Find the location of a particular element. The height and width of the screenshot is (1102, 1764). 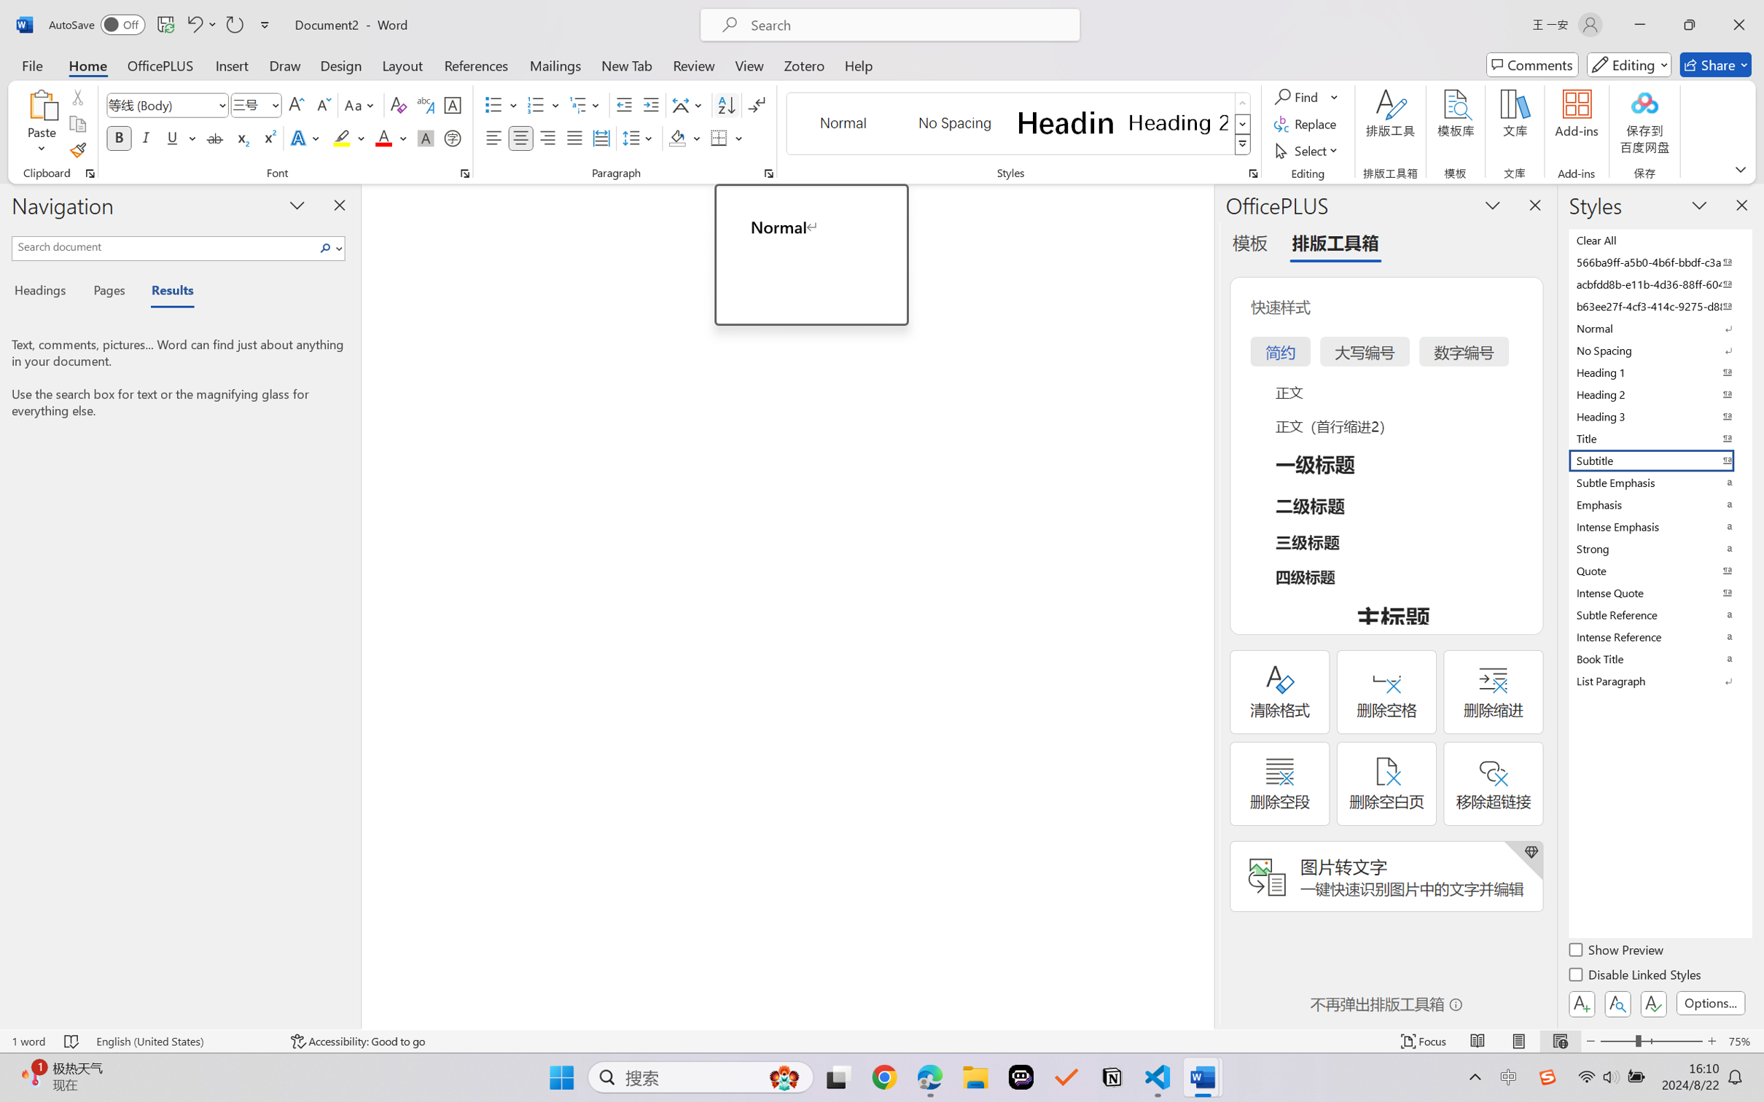

'Character Border' is located at coordinates (453, 105).